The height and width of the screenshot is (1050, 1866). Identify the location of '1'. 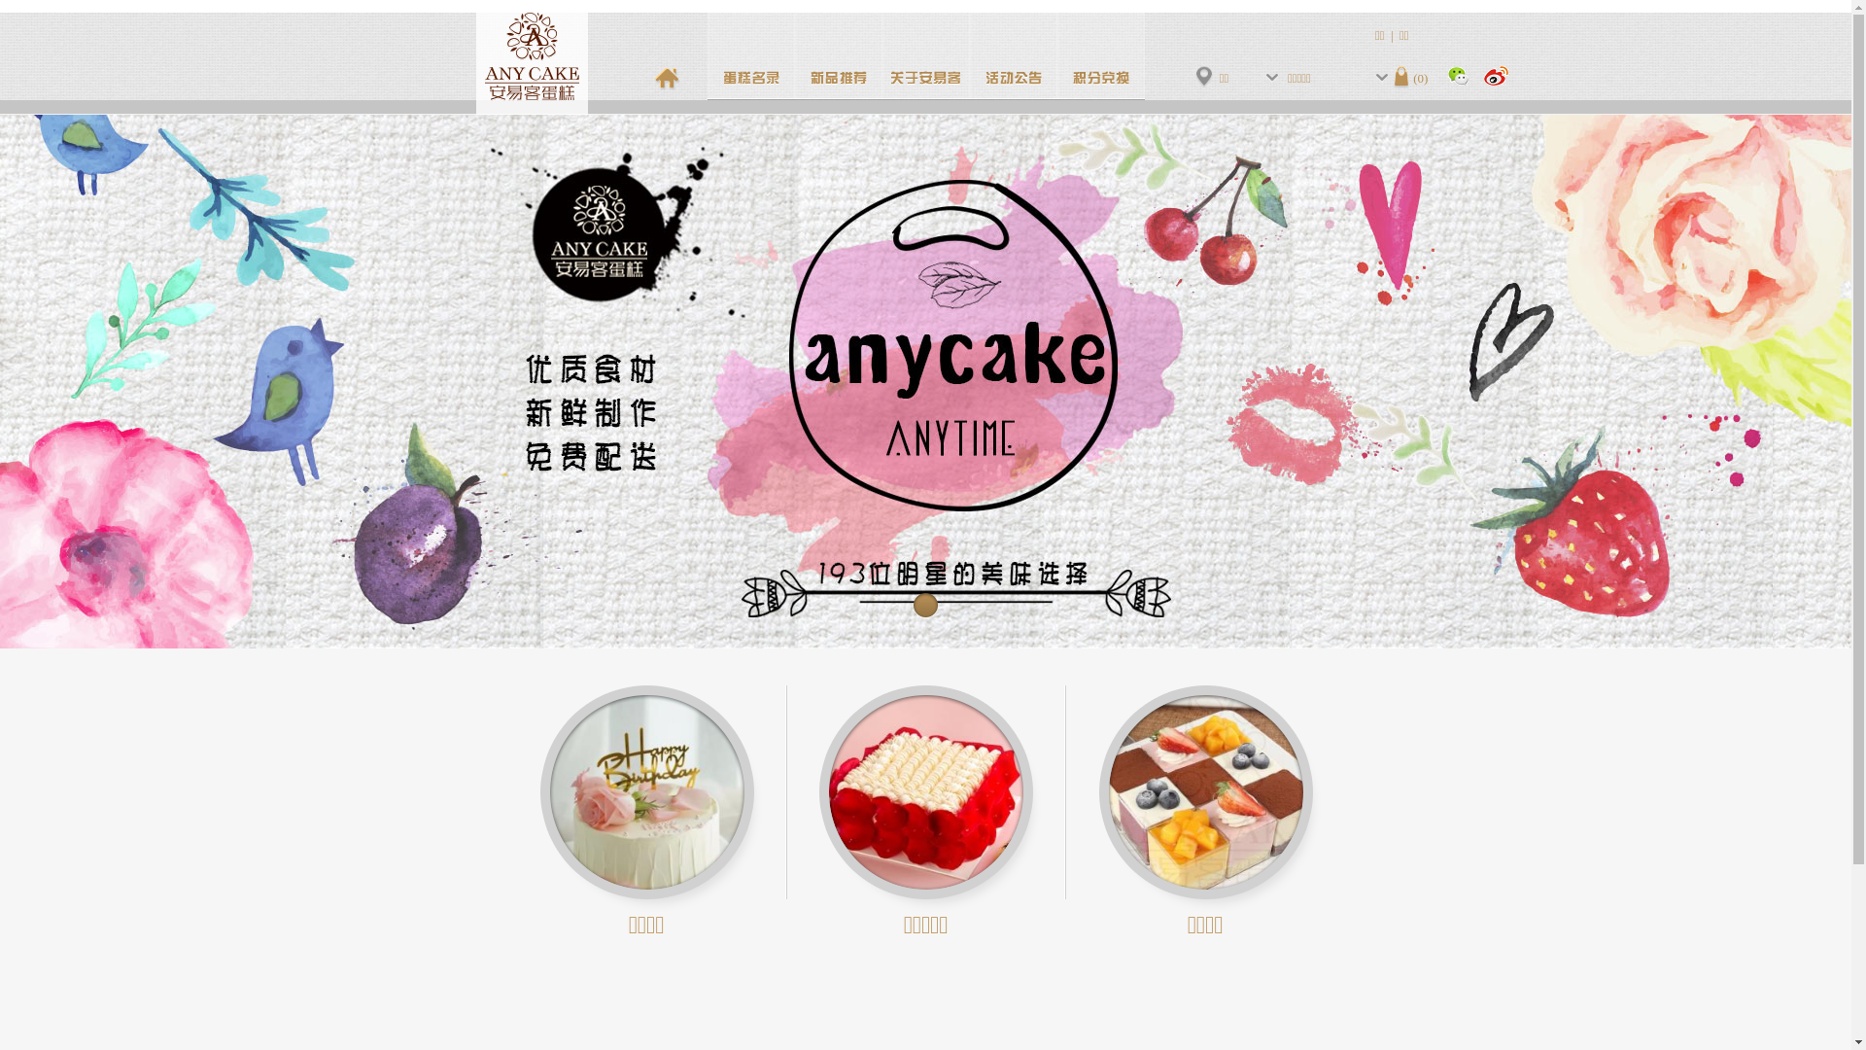
(924, 605).